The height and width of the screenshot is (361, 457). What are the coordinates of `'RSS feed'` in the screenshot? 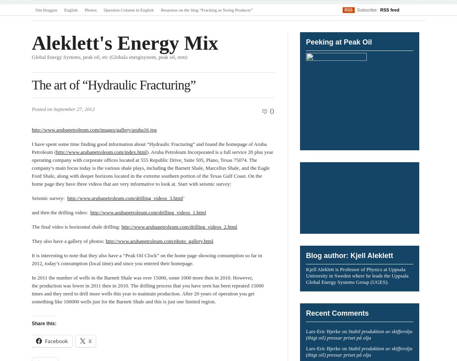 It's located at (389, 9).